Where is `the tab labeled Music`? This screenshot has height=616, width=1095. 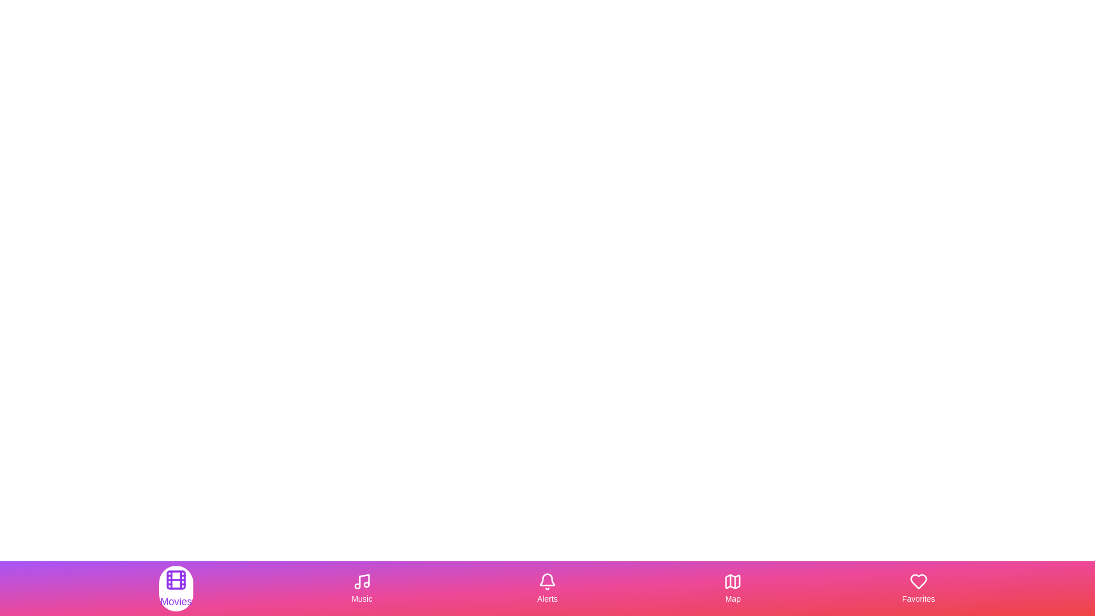
the tab labeled Music is located at coordinates (360, 589).